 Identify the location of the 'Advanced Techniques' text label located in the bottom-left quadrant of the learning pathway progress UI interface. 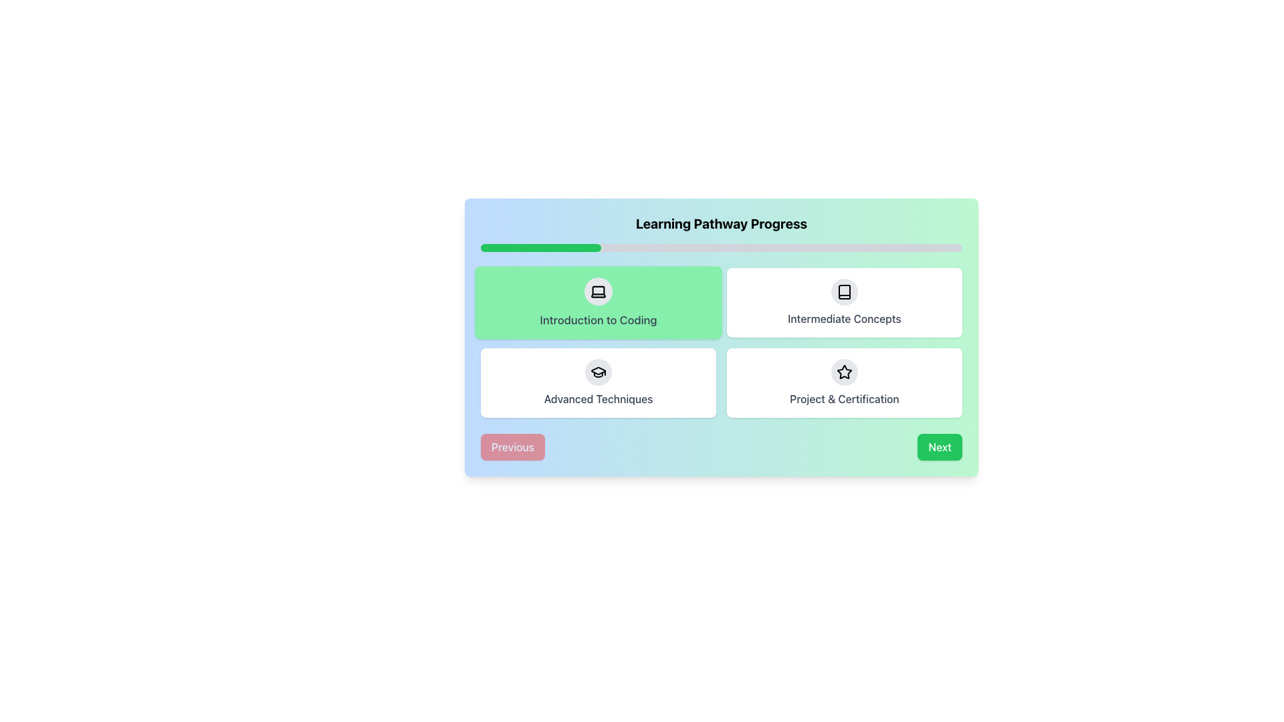
(597, 398).